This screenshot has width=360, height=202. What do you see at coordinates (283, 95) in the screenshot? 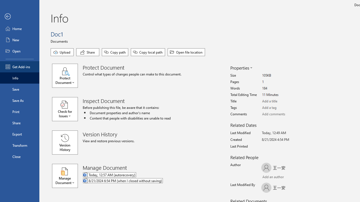
I see `'Total Editing Time'` at bounding box center [283, 95].